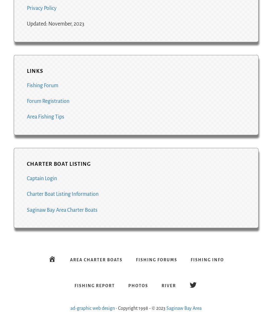 Image resolution: width=272 pixels, height=329 pixels. What do you see at coordinates (58, 164) in the screenshot?
I see `'Charter Boat Listing'` at bounding box center [58, 164].